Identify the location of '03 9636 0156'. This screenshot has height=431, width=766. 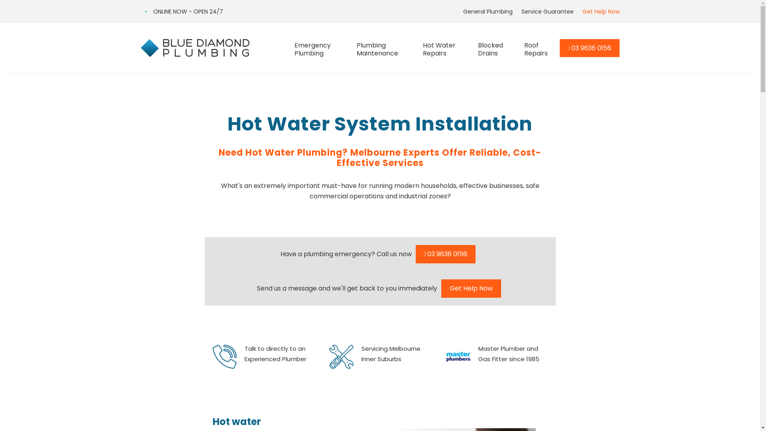
(445, 254).